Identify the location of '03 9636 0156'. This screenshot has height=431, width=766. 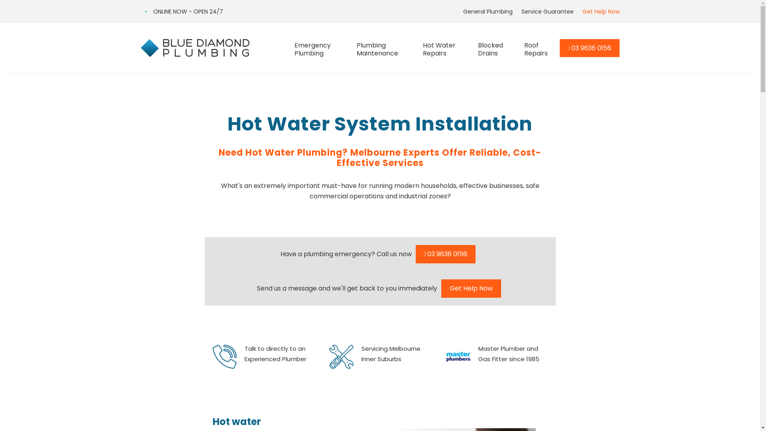
(445, 254).